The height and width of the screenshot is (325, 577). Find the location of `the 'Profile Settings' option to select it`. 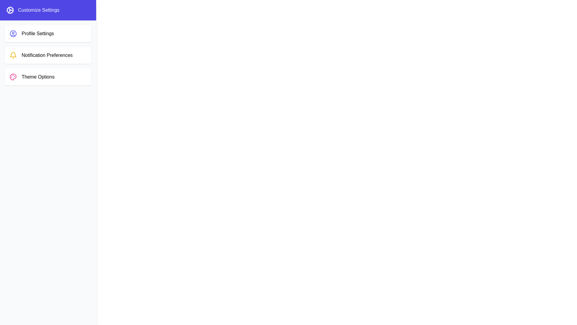

the 'Profile Settings' option to select it is located at coordinates (47, 33).